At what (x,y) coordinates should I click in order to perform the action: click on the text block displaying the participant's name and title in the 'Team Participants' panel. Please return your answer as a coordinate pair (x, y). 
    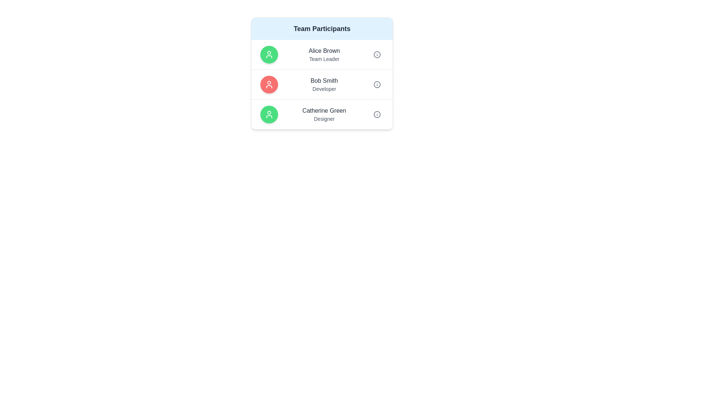
    Looking at the image, I should click on (324, 54).